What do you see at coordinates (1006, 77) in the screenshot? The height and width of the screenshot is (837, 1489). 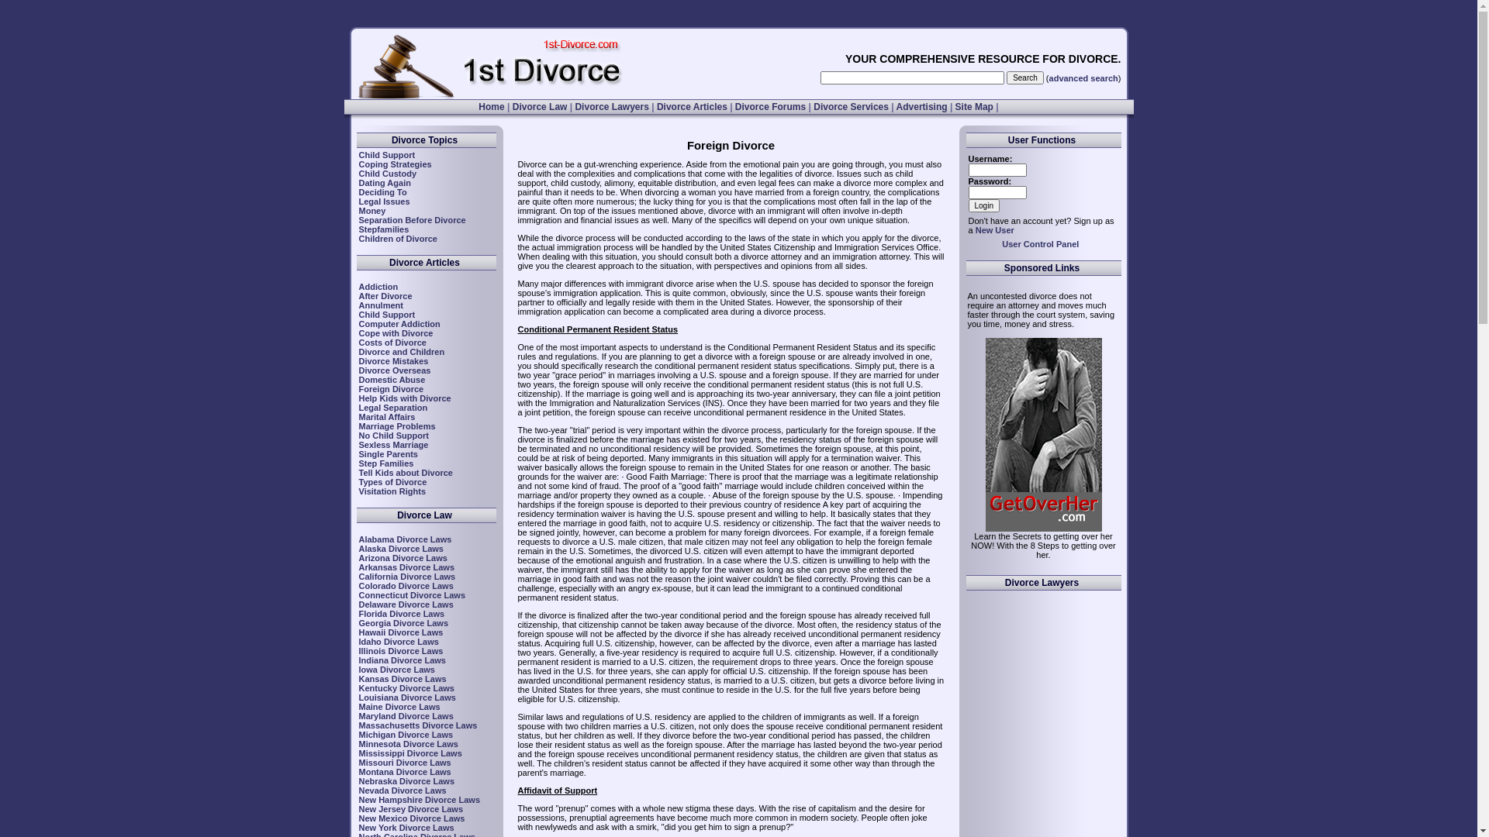 I see `'Search'` at bounding box center [1006, 77].